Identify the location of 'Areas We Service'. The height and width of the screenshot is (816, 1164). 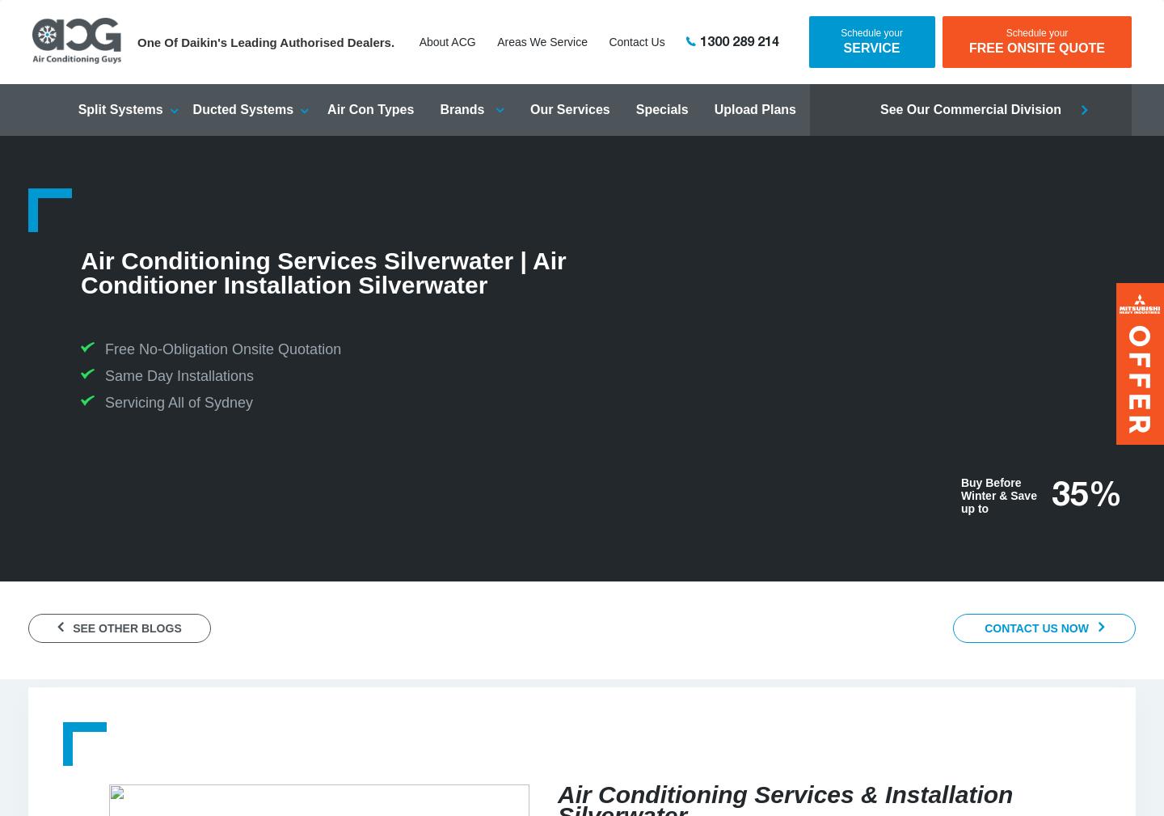
(542, 40).